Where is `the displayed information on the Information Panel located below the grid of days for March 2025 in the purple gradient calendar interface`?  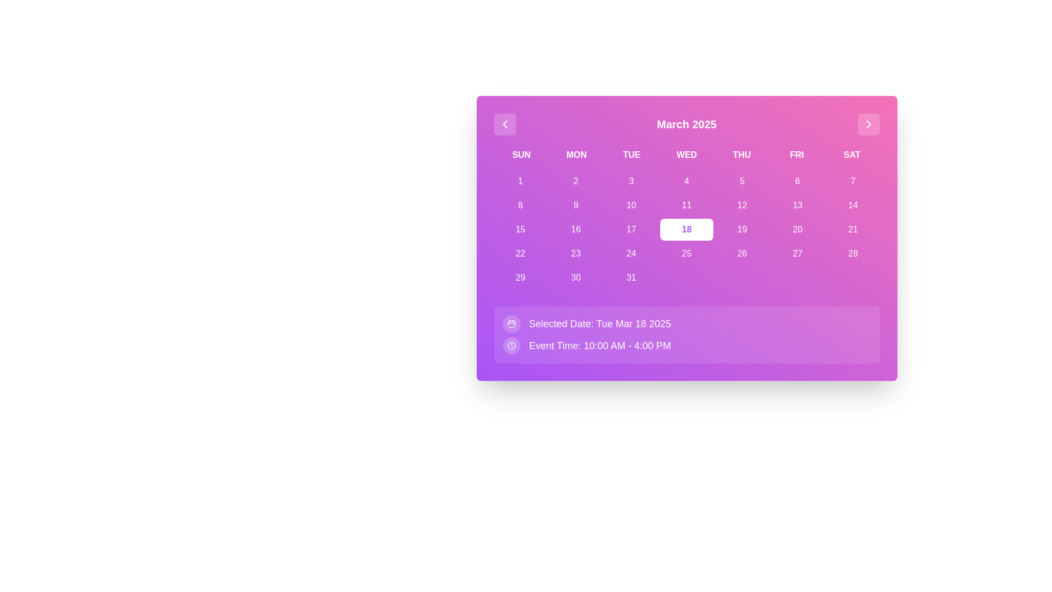
the displayed information on the Information Panel located below the grid of days for March 2025 in the purple gradient calendar interface is located at coordinates (686, 334).